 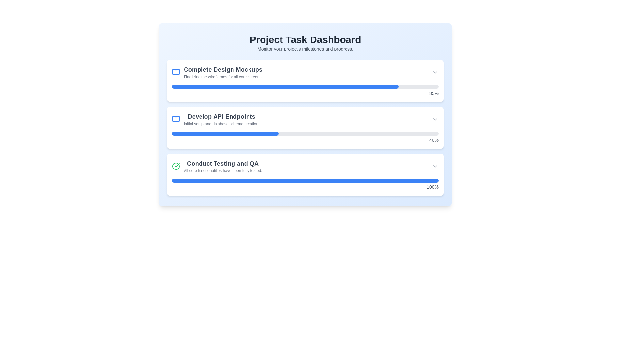 I want to click on the summary and status indicator for the task named 'Complete Design Mockups' located at the top of the task list in the dashboard interface, so click(x=305, y=72).